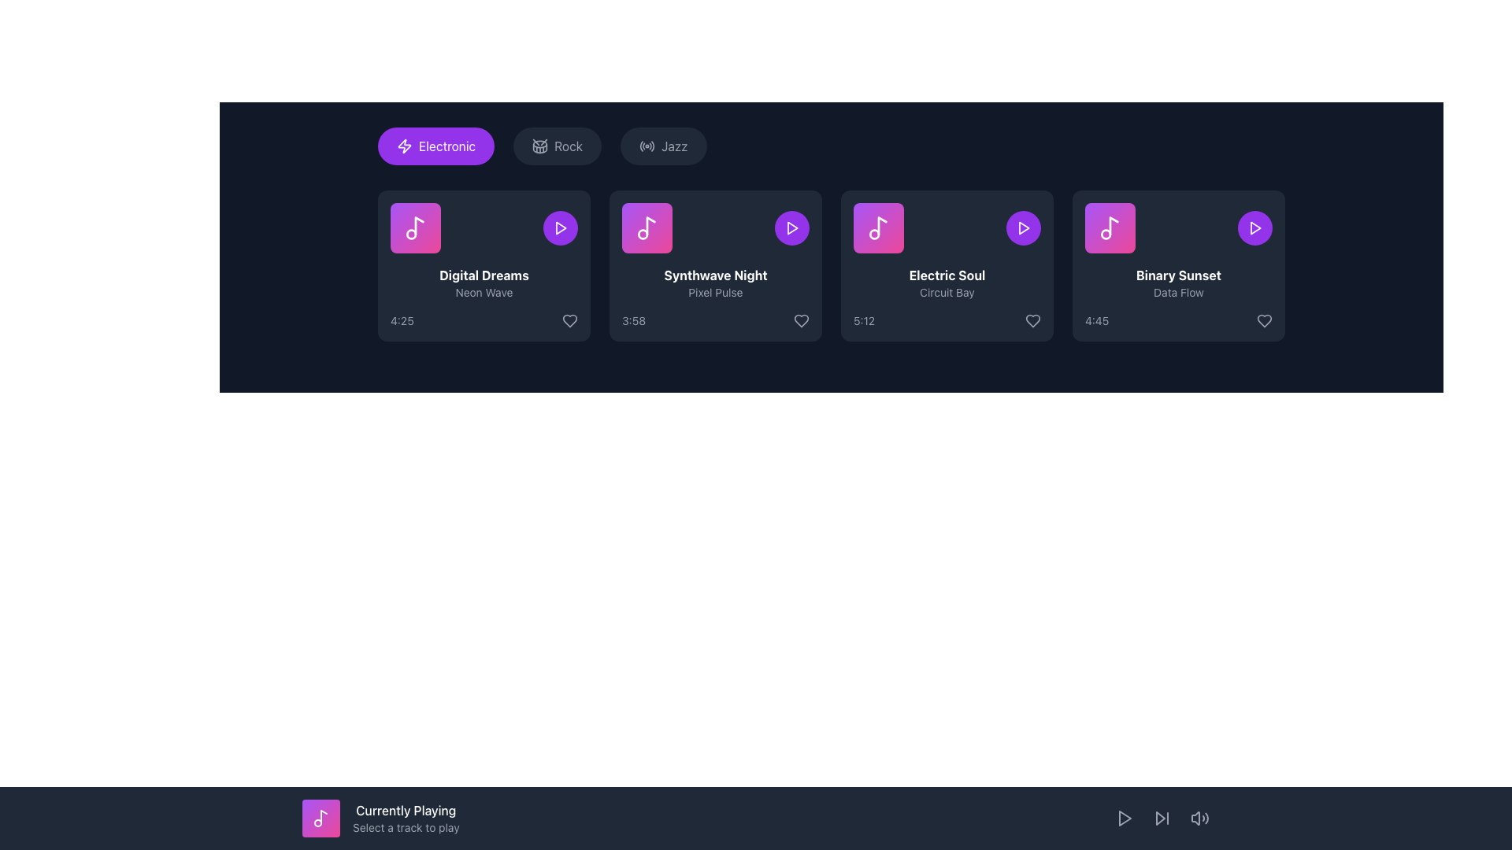  Describe the element at coordinates (663, 146) in the screenshot. I see `the third button in the horizontal list` at that location.